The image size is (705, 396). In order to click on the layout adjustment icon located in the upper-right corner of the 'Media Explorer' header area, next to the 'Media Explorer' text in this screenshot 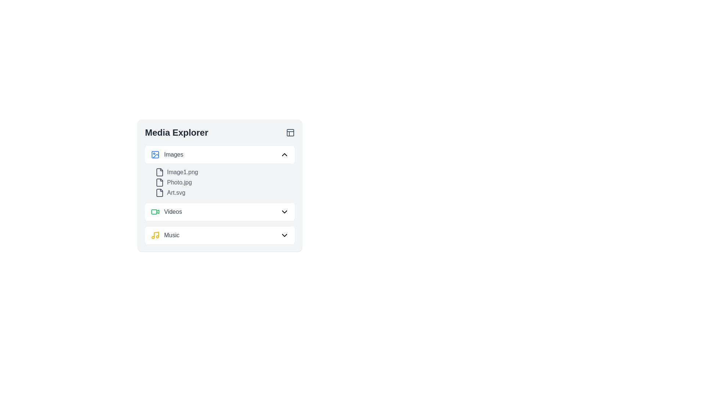, I will do `click(290, 133)`.